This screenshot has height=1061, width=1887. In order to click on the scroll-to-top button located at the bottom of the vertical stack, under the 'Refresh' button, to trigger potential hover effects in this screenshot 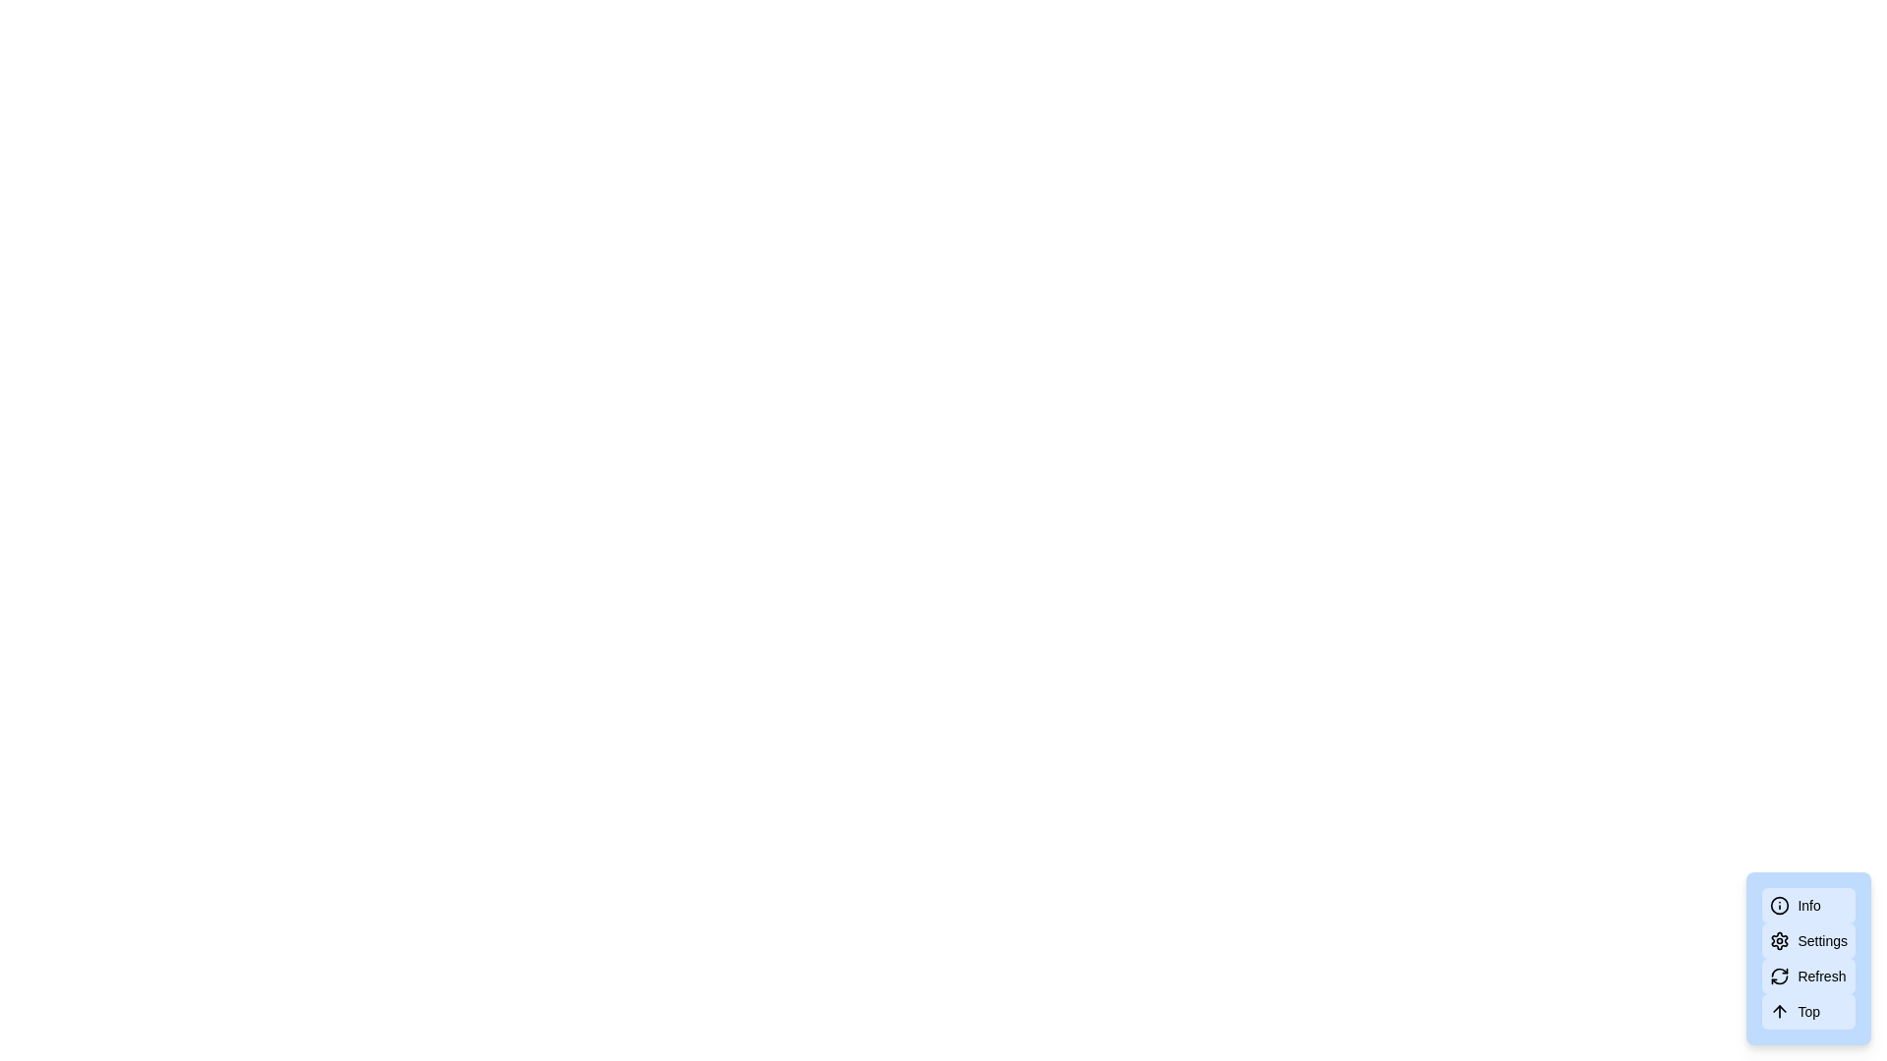, I will do `click(1808, 1011)`.